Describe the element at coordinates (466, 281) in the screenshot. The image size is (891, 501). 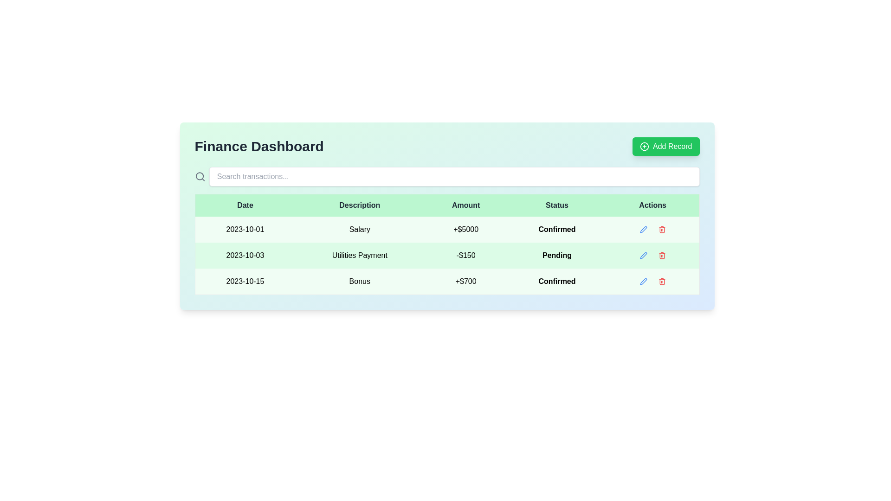
I see `the monetary value '+$700' located in the 'Amount' column of the '2023-10-15' row in the transaction table` at that location.